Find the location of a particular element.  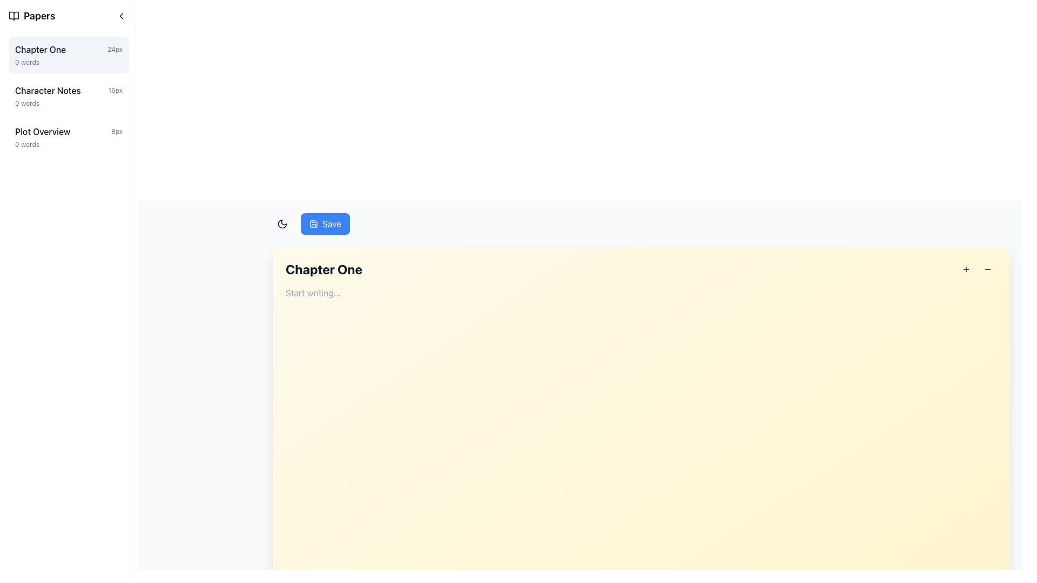

the text label displaying '8px' located in the sidebar under the 'Plot Overview' header, which is aligned to the right of the header text is located at coordinates (117, 131).